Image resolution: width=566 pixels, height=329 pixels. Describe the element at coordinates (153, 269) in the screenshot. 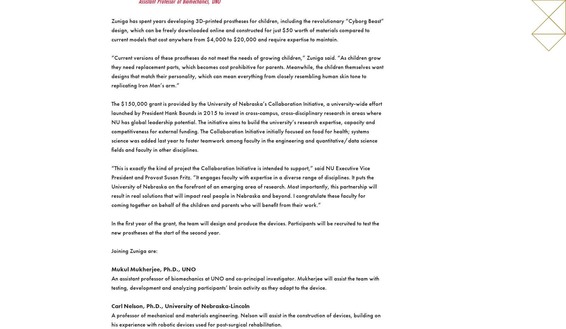

I see `'Mukul Mukherjee, Ph.D., UNO'` at that location.